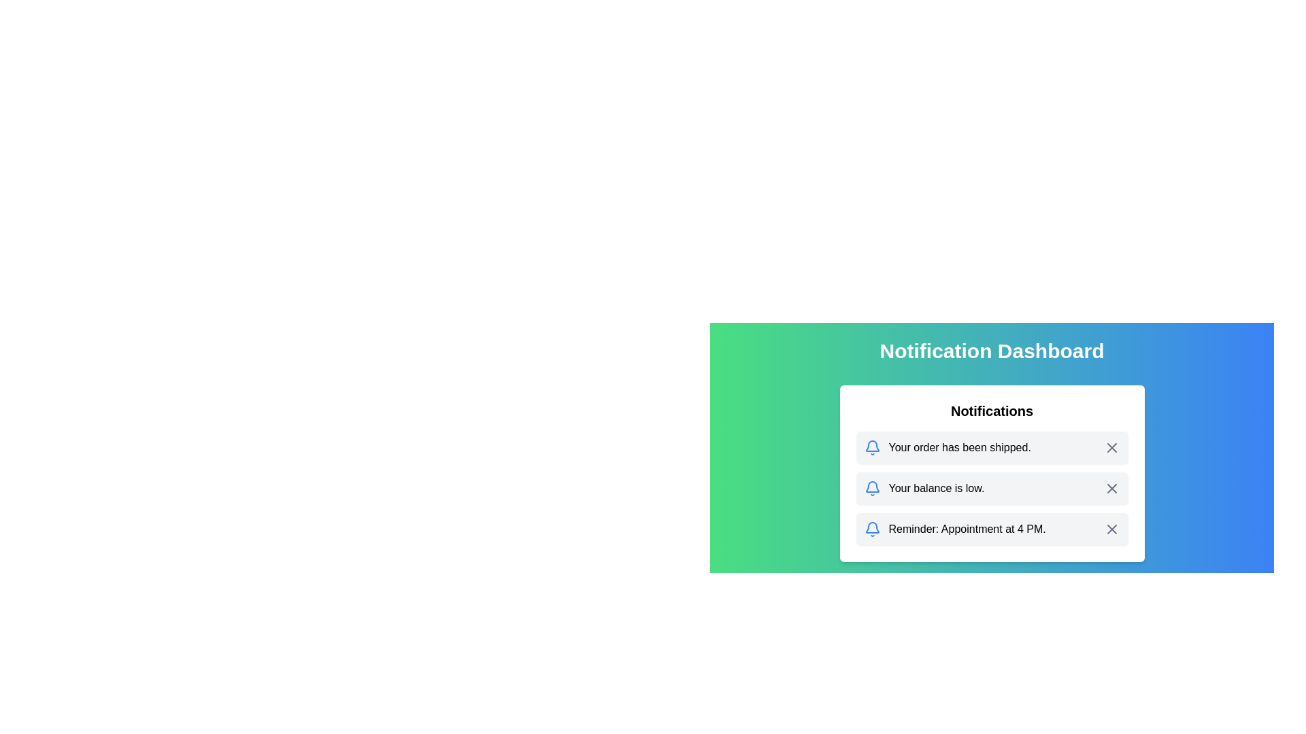 The width and height of the screenshot is (1306, 734). I want to click on the top-left to bottom-right stroke of the 'X' symbol in the second notification row to observe tooltip or visual feedback, so click(1111, 487).